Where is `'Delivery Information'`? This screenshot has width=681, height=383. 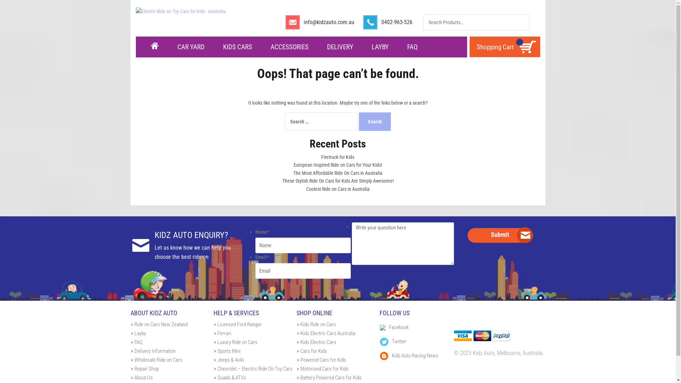 'Delivery Information' is located at coordinates (154, 351).